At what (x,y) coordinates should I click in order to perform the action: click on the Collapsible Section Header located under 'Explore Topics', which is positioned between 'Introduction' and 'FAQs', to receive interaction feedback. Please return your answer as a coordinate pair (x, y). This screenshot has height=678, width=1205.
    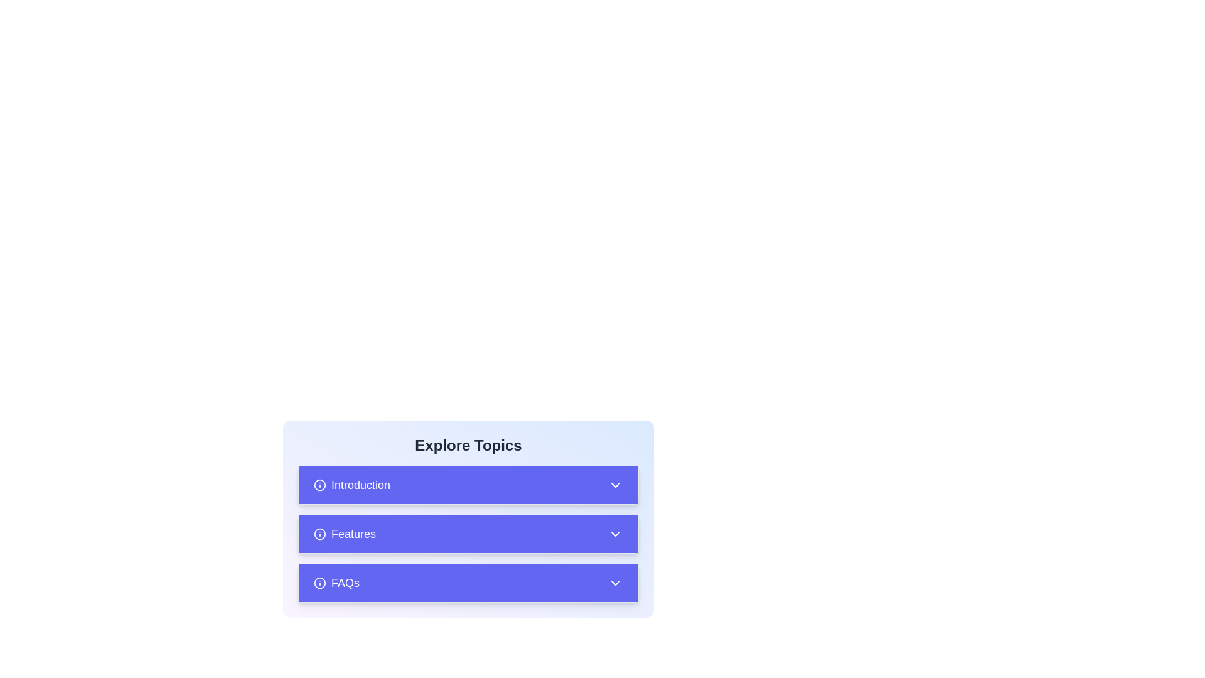
    Looking at the image, I should click on (468, 519).